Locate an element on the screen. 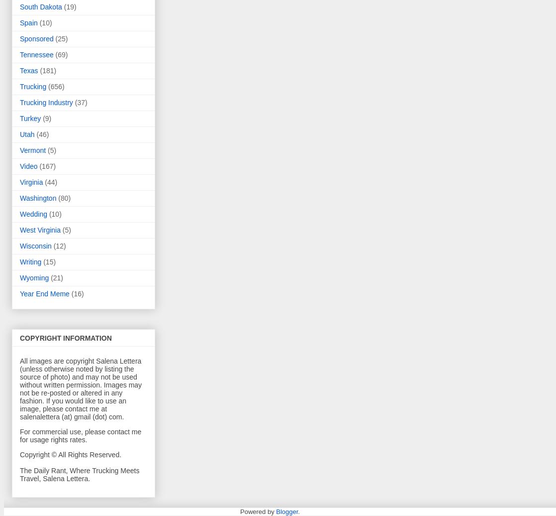 The height and width of the screenshot is (516, 556). 'Sponsored' is located at coordinates (36, 39).